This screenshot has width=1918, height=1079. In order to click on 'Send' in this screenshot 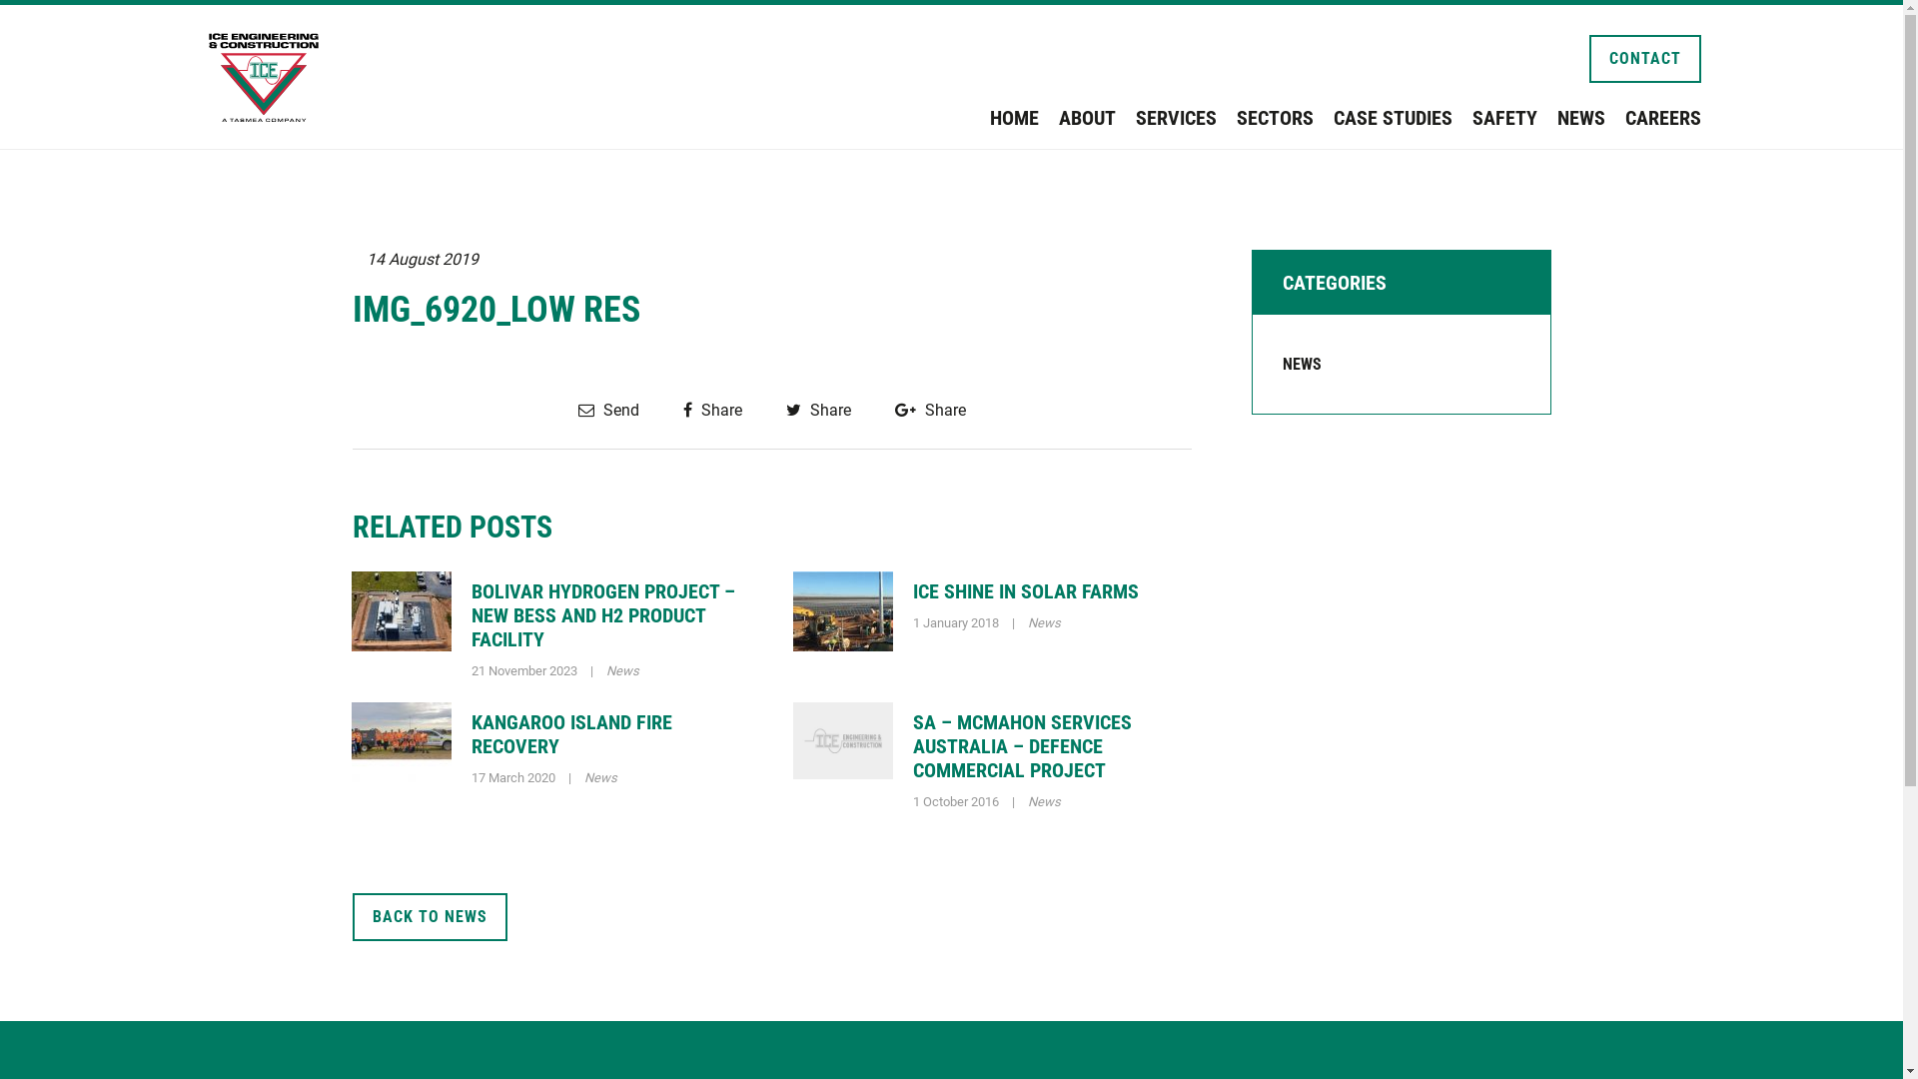, I will do `click(606, 409)`.